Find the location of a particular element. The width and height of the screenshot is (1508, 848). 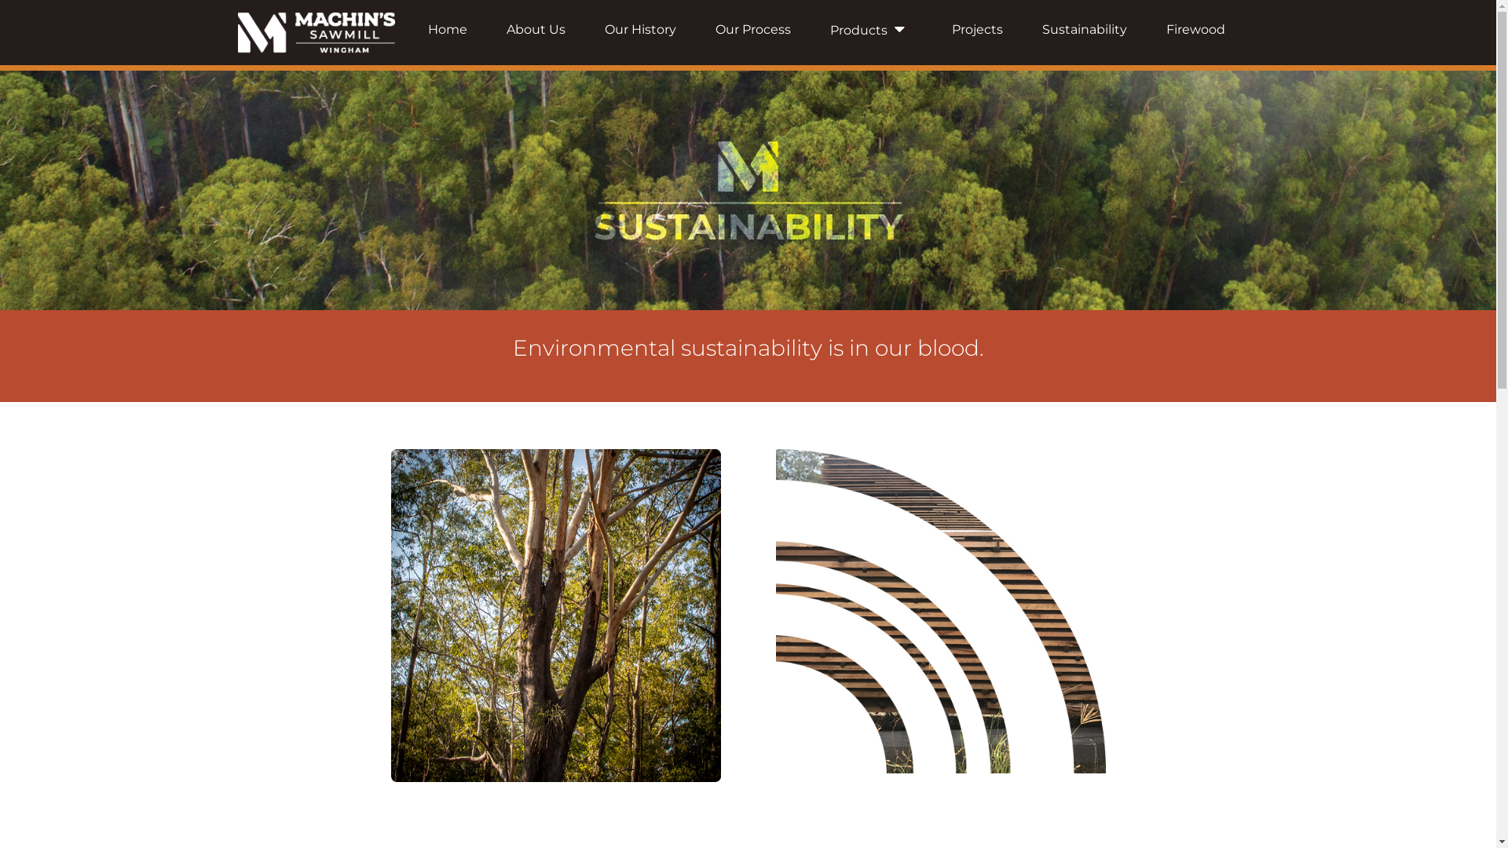

'Home' is located at coordinates (447, 29).